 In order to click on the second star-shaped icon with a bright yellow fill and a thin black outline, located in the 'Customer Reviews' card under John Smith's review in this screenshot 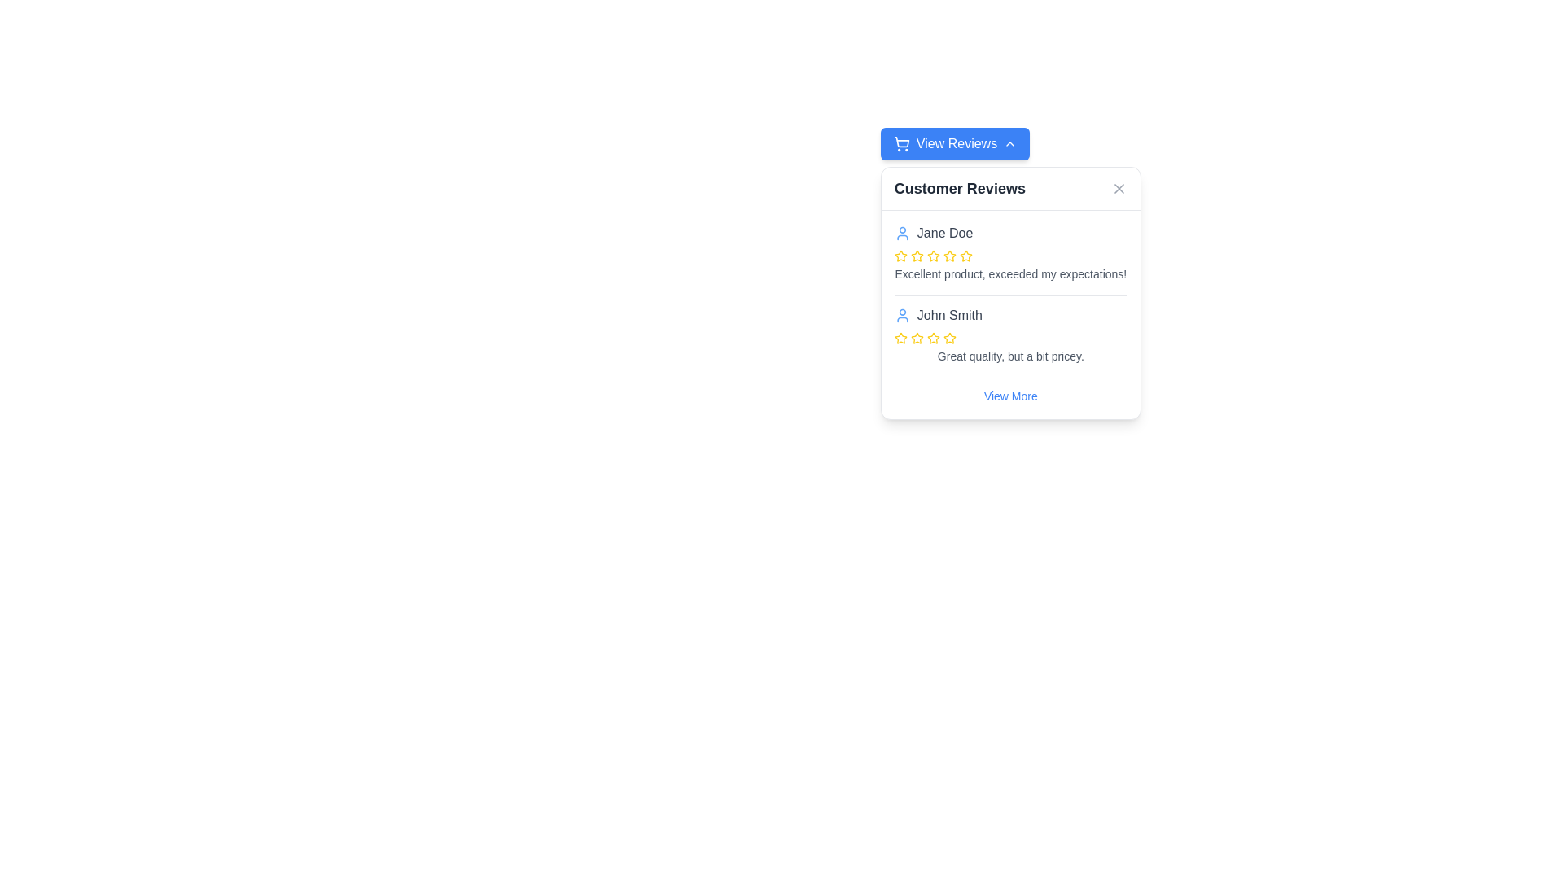, I will do `click(933, 337)`.